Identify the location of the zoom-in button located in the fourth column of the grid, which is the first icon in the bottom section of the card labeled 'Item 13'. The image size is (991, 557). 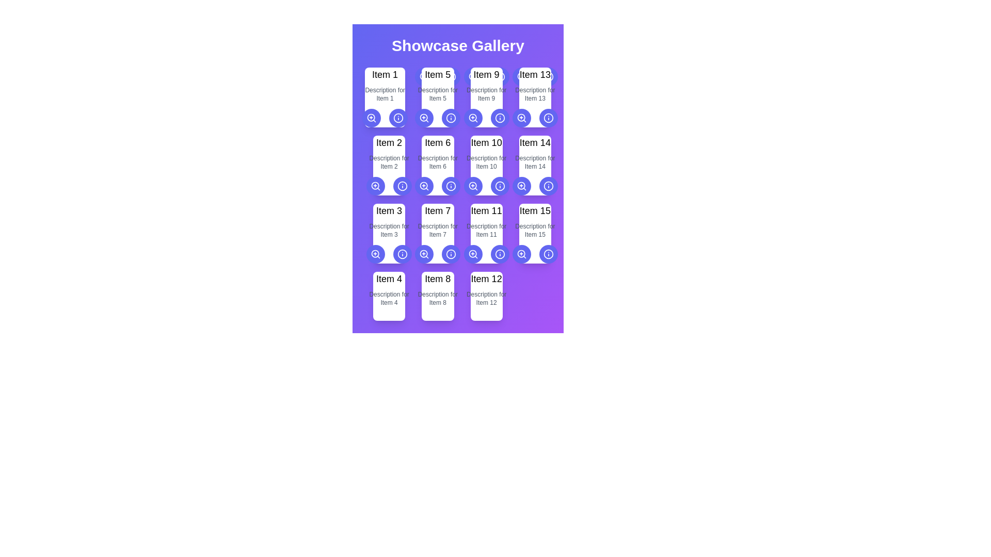
(521, 76).